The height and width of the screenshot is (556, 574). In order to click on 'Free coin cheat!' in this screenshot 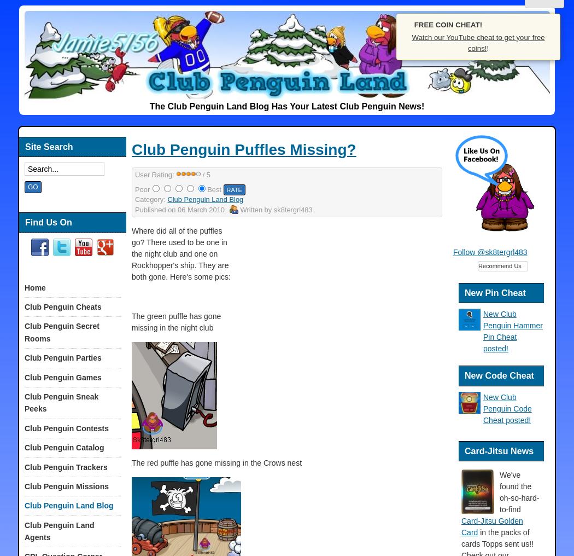, I will do `click(414, 24)`.